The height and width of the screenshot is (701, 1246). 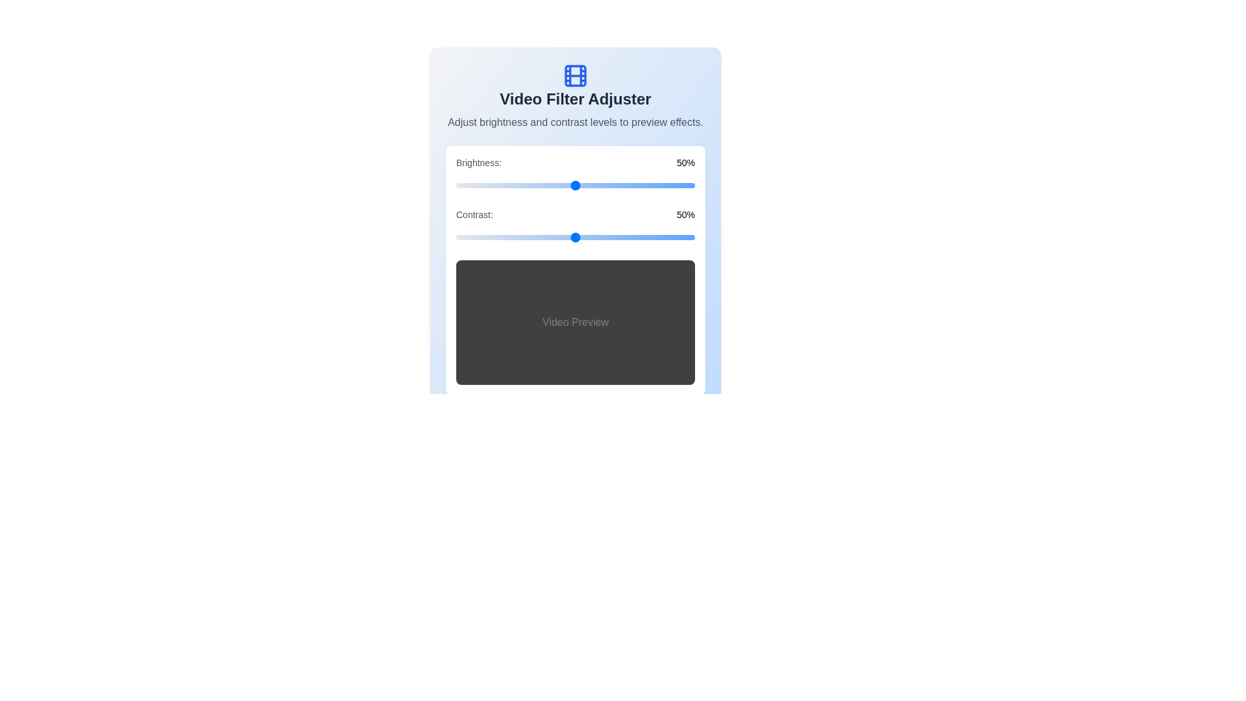 What do you see at coordinates (654, 185) in the screenshot?
I see `the brightness slider to 83%` at bounding box center [654, 185].